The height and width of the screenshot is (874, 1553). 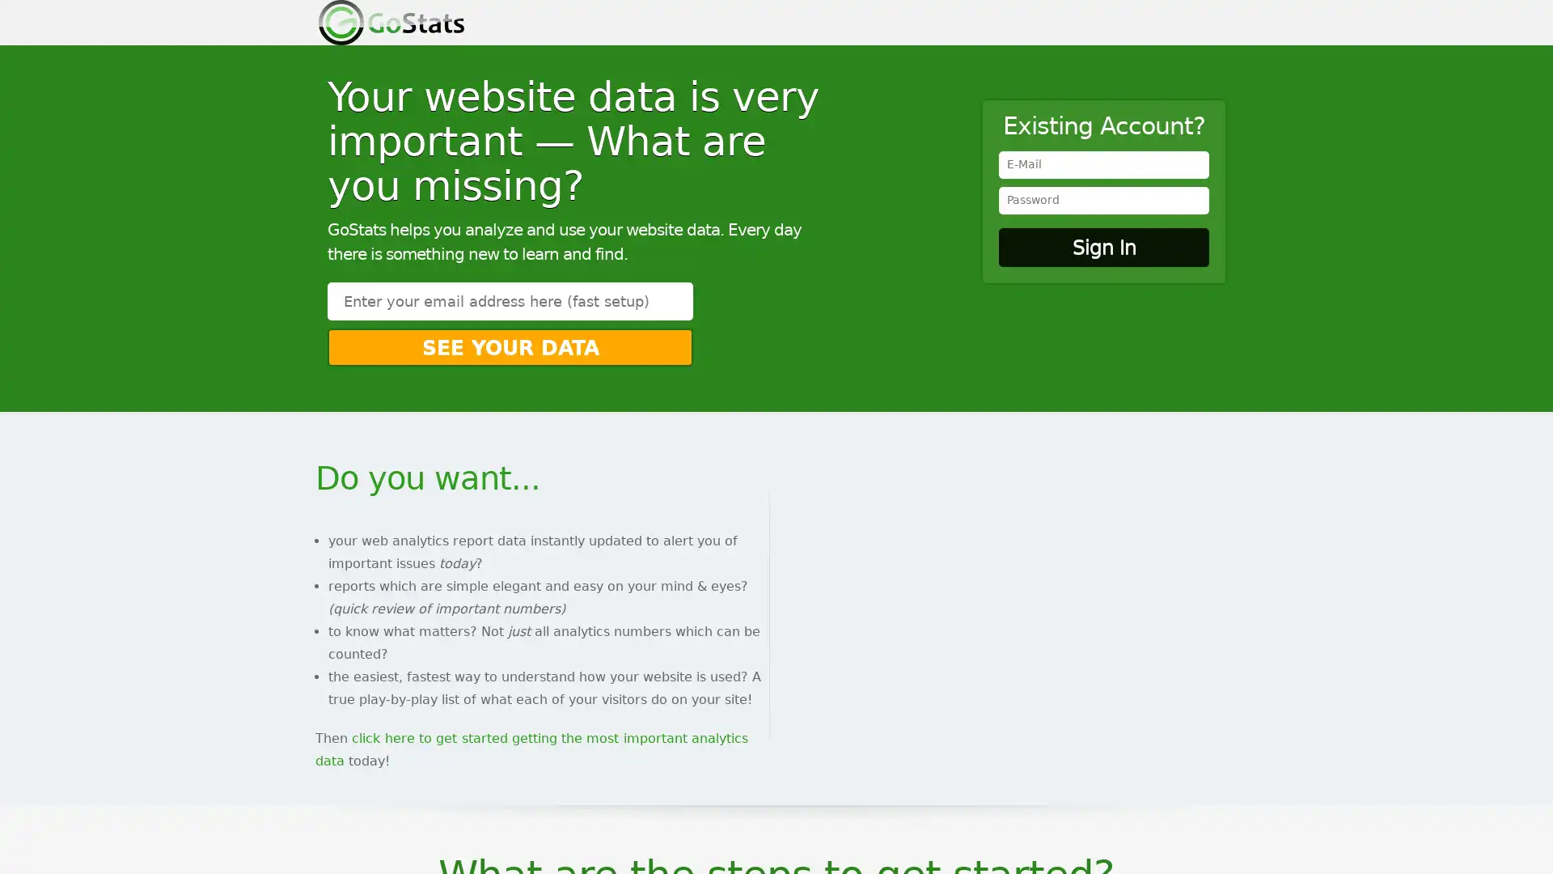 I want to click on See Your Data, so click(x=509, y=346).